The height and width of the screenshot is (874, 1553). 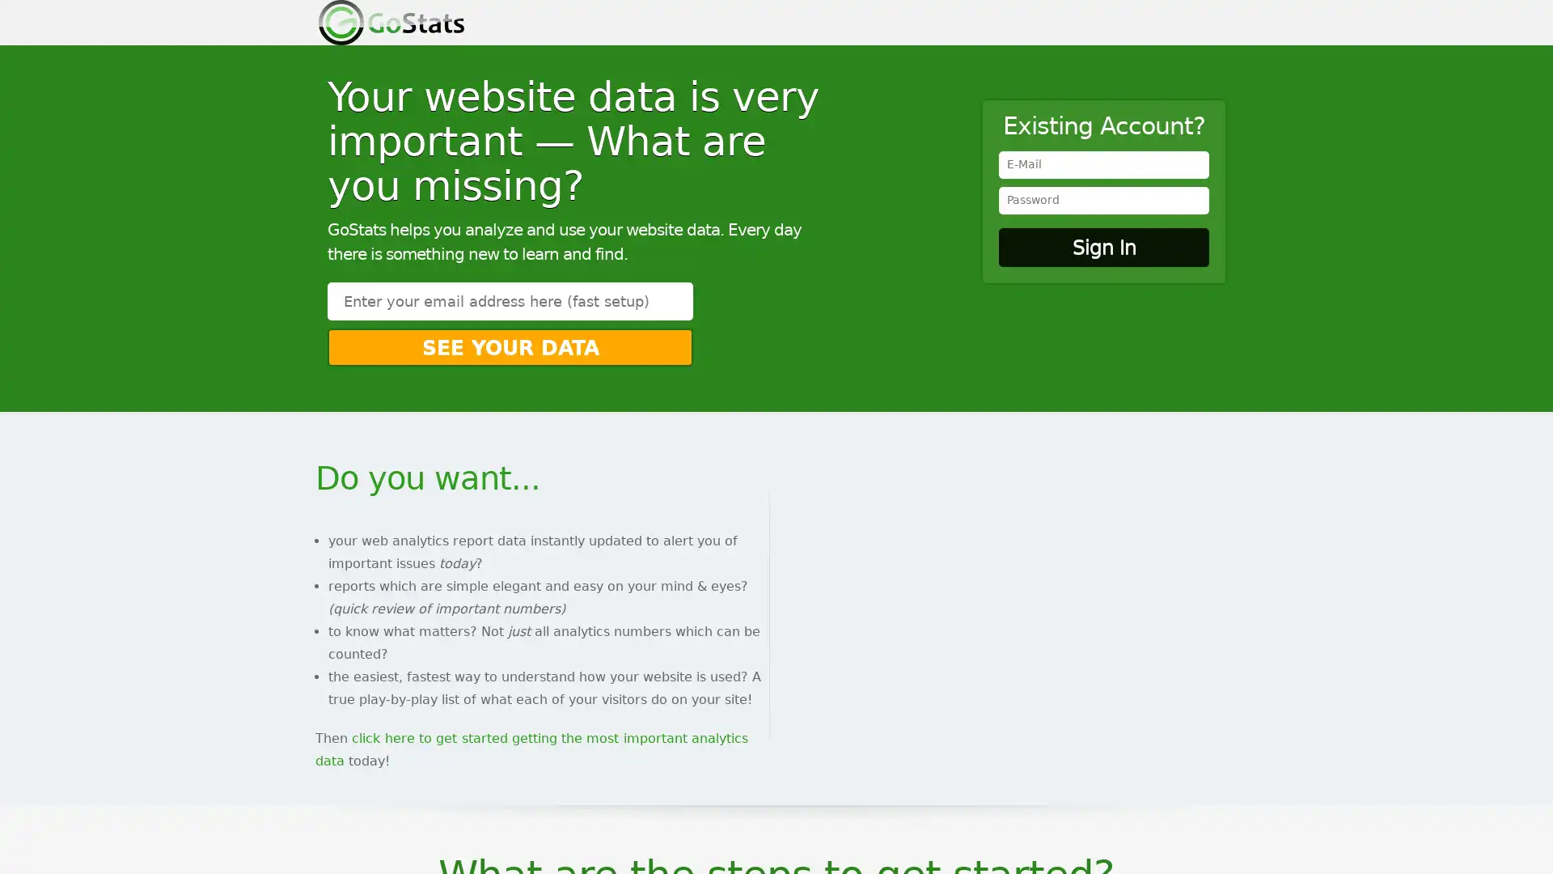 I want to click on See Your Data, so click(x=509, y=346).